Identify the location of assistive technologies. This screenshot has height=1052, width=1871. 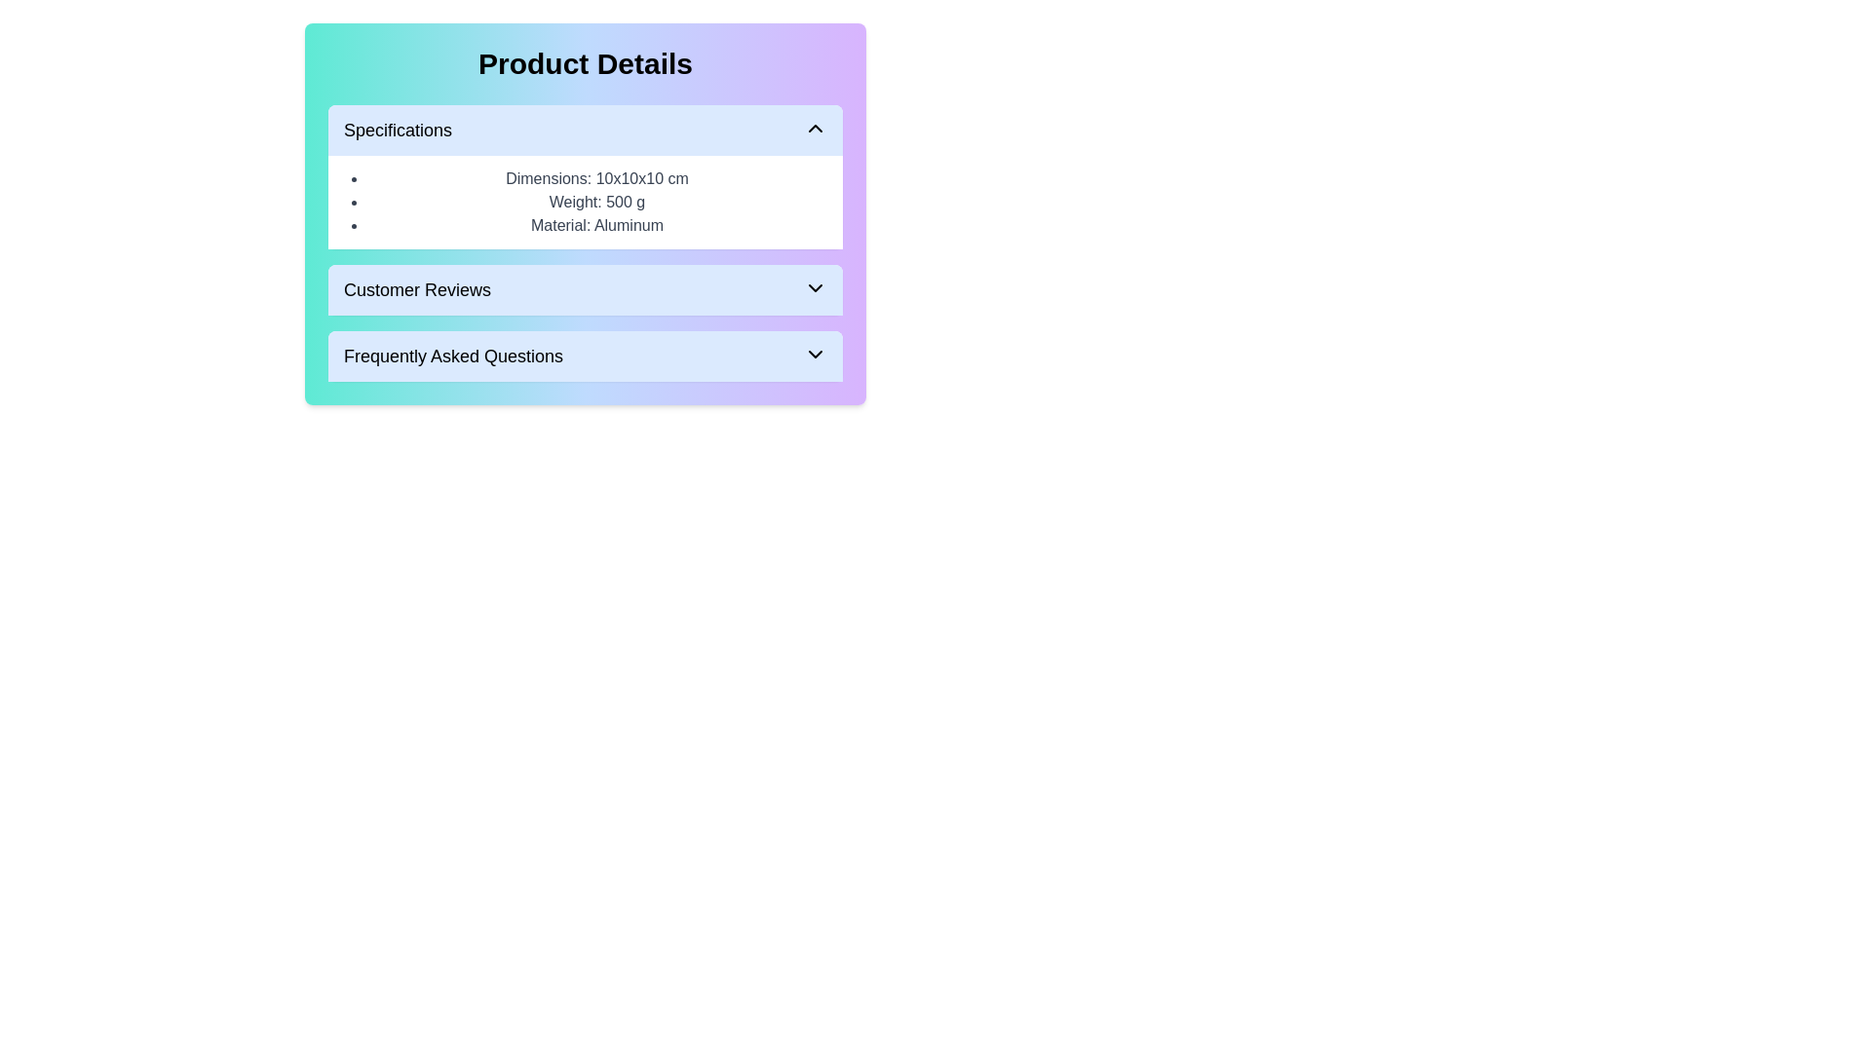
(596, 203).